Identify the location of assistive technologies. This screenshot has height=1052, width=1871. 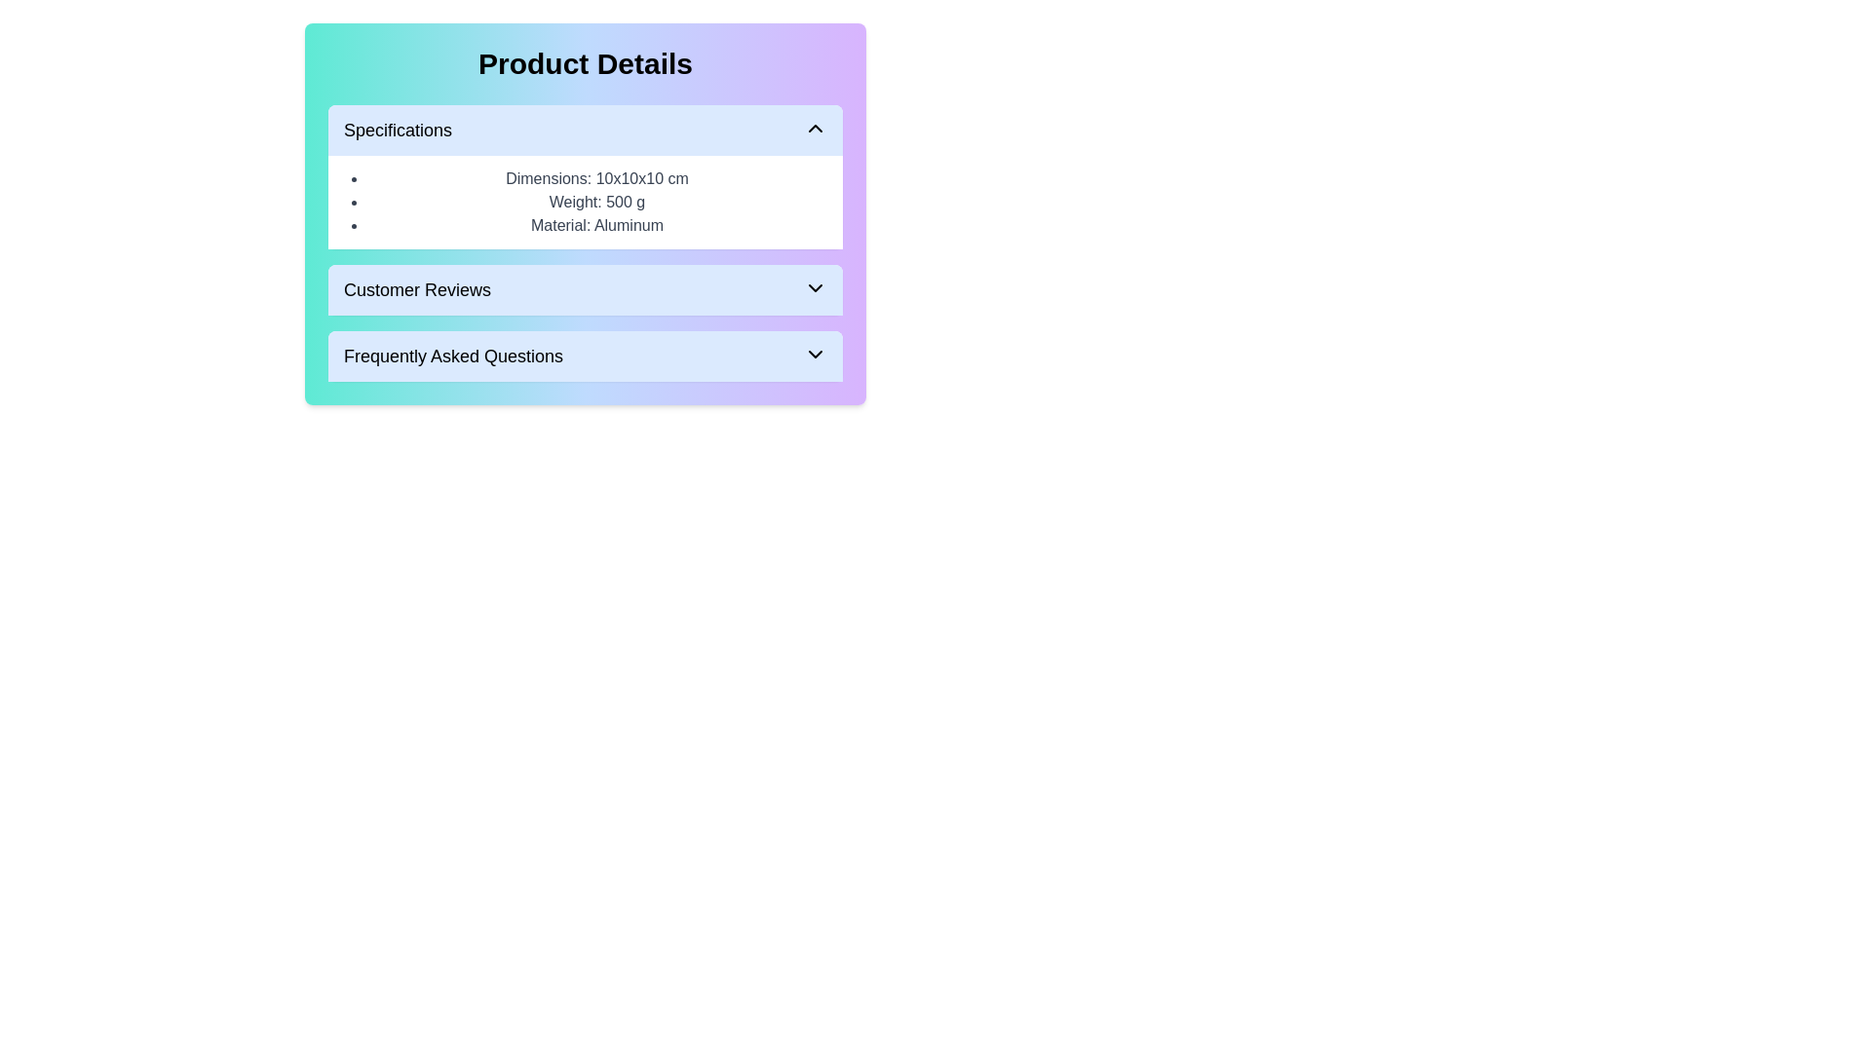
(596, 203).